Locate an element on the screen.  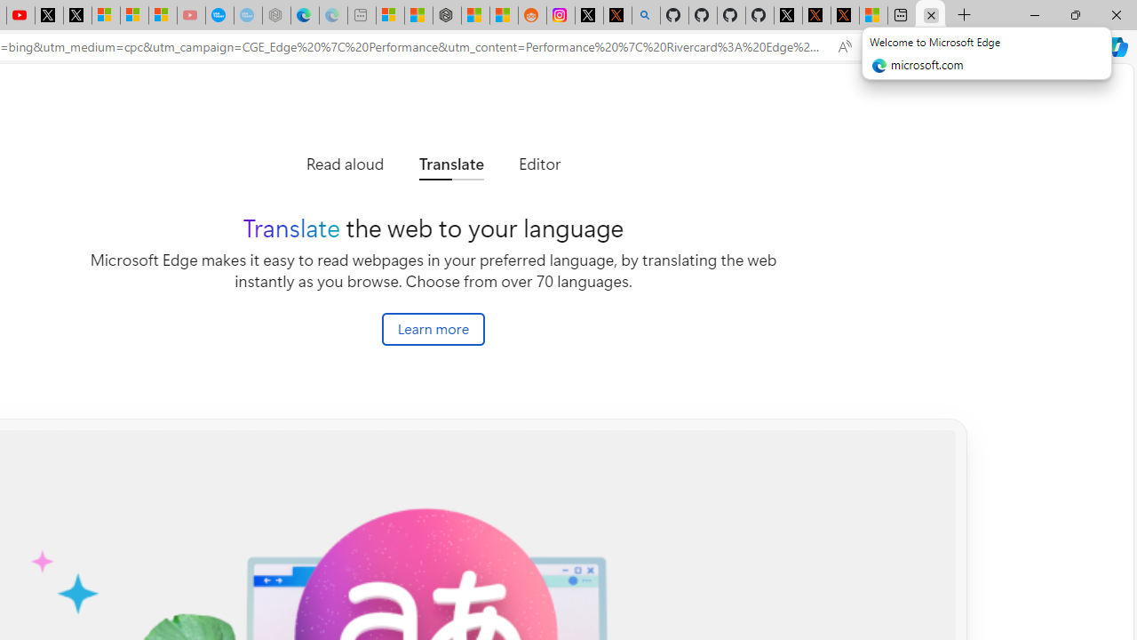
'Shanghai, China Weather trends | Microsoft Weather' is located at coordinates (503, 15).